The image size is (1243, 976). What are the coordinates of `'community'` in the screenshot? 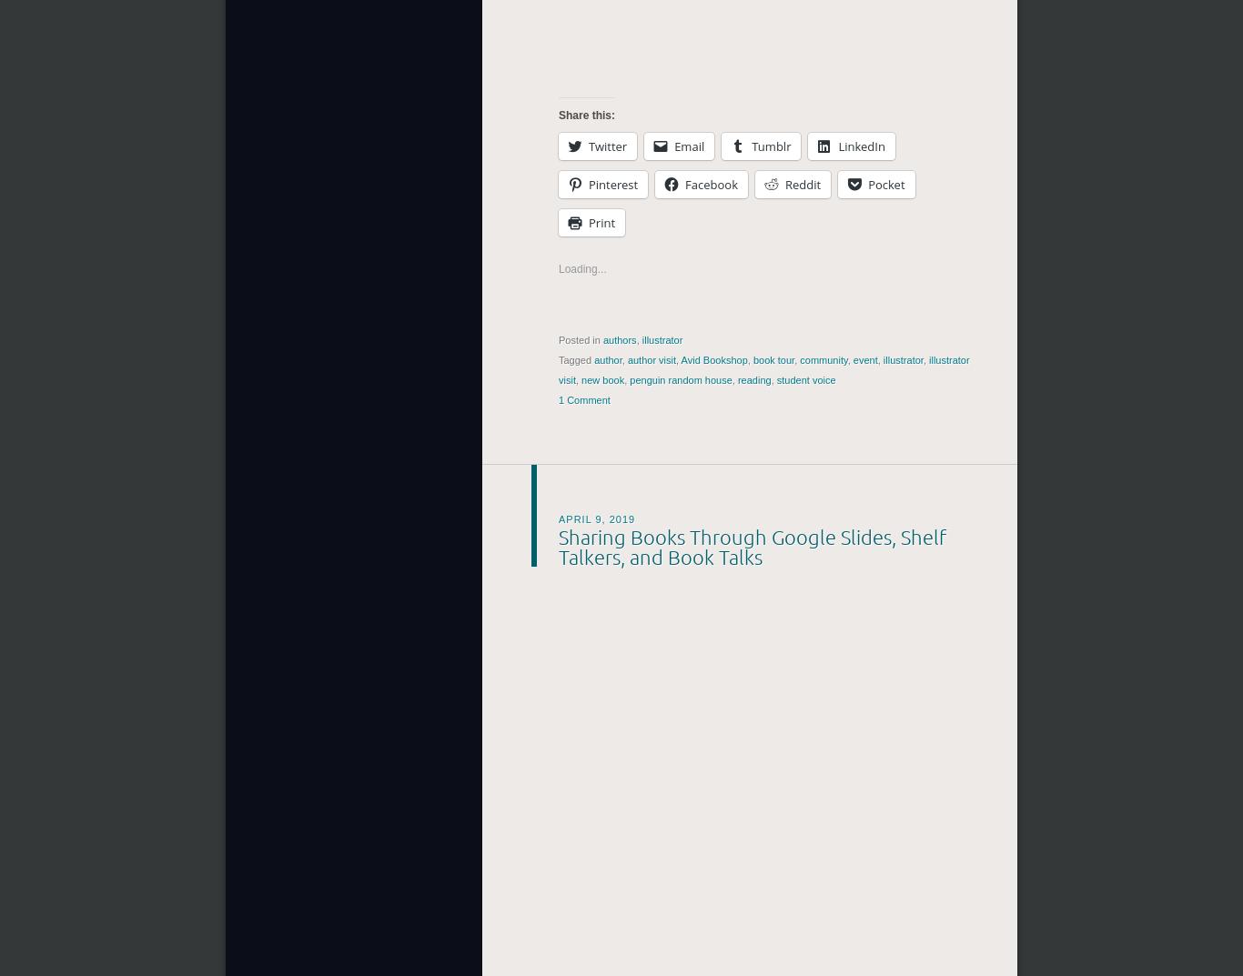 It's located at (822, 359).